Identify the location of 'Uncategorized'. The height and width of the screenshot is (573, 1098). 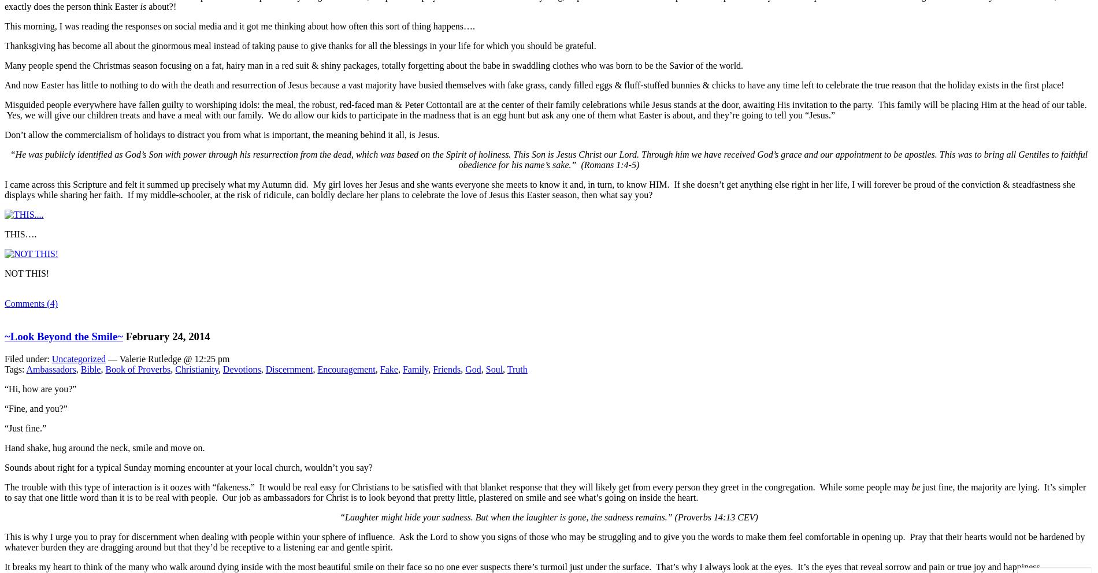
(51, 358).